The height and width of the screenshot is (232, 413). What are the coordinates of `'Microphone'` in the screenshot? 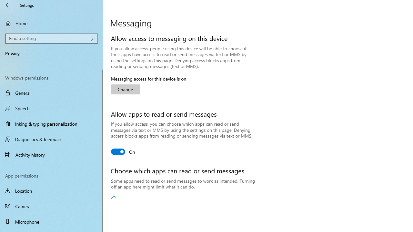 It's located at (52, 221).